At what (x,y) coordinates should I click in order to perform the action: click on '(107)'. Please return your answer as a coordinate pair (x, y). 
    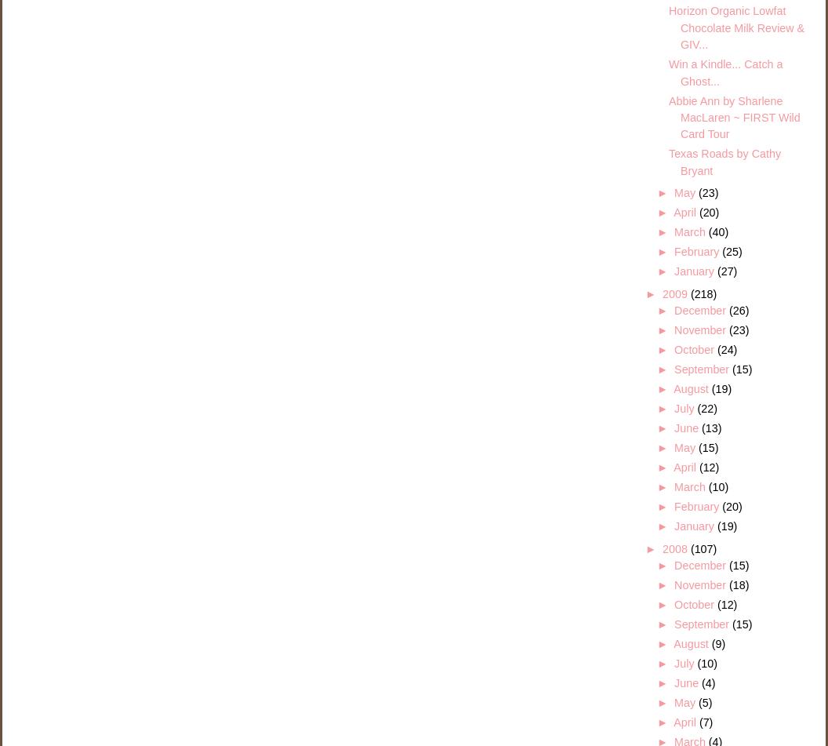
    Looking at the image, I should click on (702, 548).